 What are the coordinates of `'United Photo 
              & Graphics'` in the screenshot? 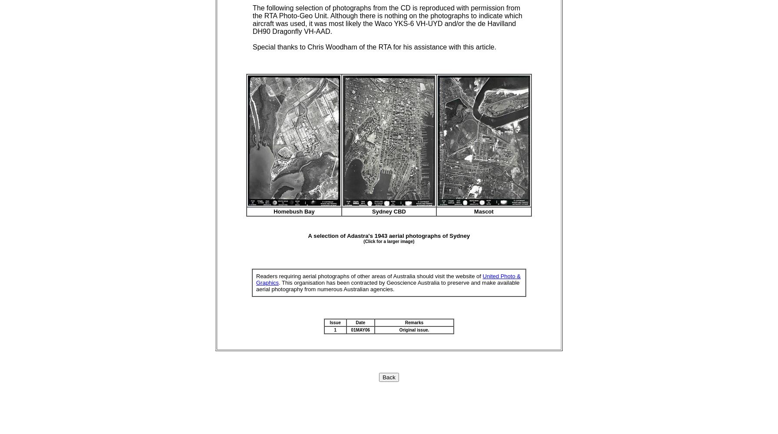 It's located at (256, 279).